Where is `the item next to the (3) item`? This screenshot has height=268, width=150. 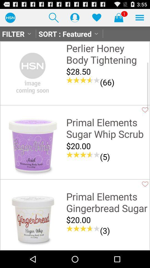
the item next to the (3) item is located at coordinates (83, 229).